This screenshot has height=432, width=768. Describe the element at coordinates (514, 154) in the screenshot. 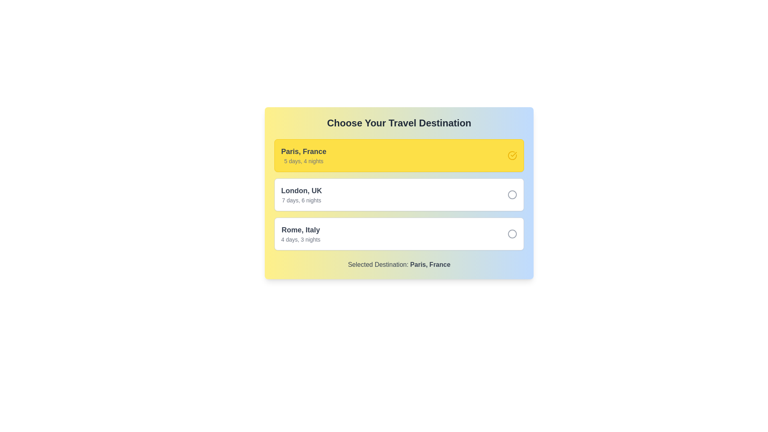

I see `the yellow SVG icon with a check mark next to the 'Paris, France' travel option by moving the cursor to its center point` at that location.